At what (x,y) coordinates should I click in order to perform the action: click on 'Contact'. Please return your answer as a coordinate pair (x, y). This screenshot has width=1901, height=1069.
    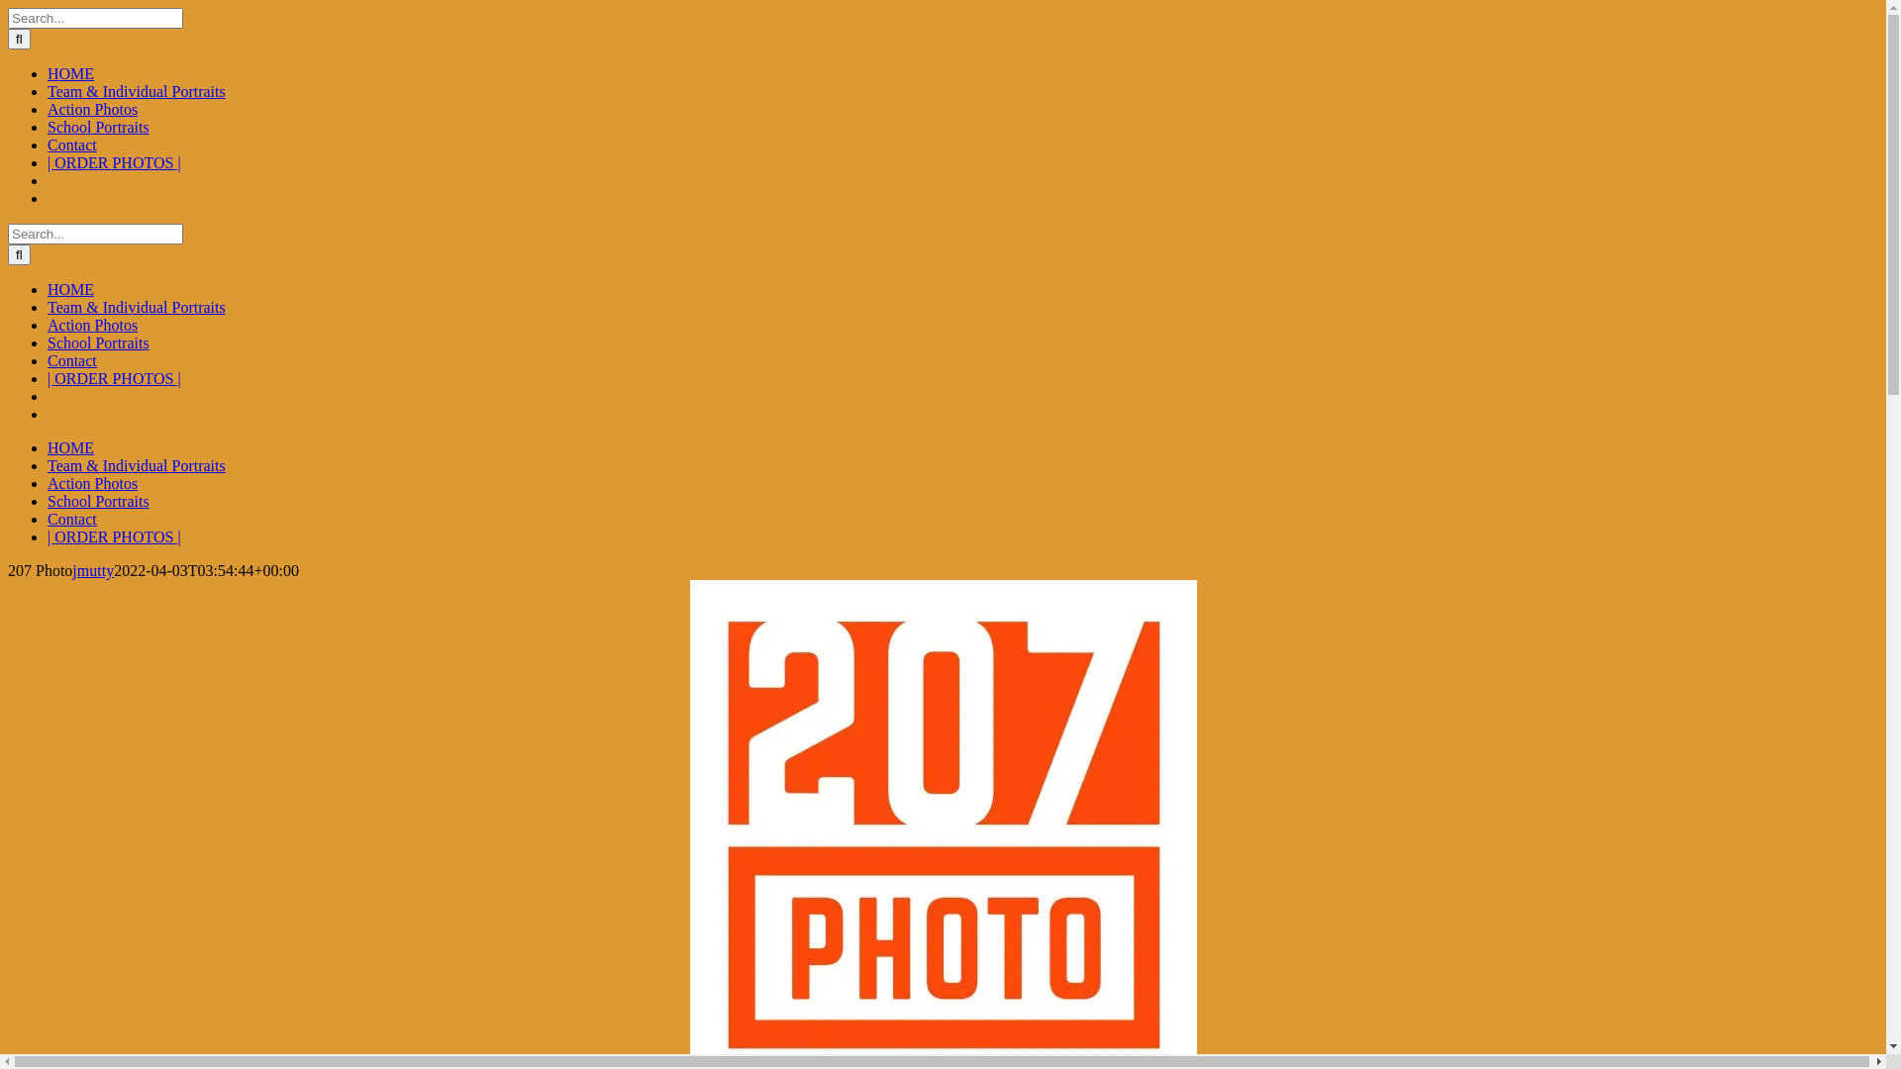
    Looking at the image, I should click on (48, 518).